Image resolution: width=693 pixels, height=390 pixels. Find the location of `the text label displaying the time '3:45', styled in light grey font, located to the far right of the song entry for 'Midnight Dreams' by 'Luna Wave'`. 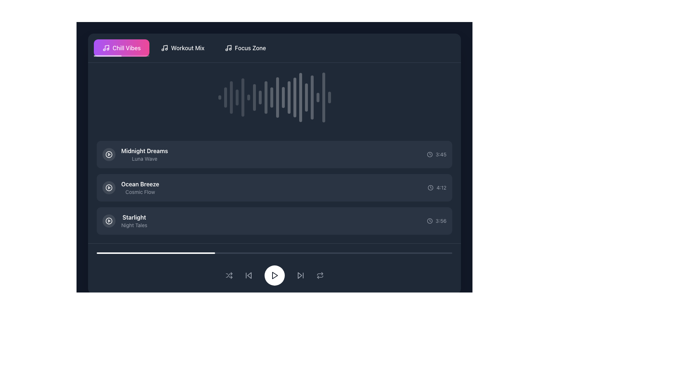

the text label displaying the time '3:45', styled in light grey font, located to the far right of the song entry for 'Midnight Dreams' by 'Luna Wave' is located at coordinates (441, 154).